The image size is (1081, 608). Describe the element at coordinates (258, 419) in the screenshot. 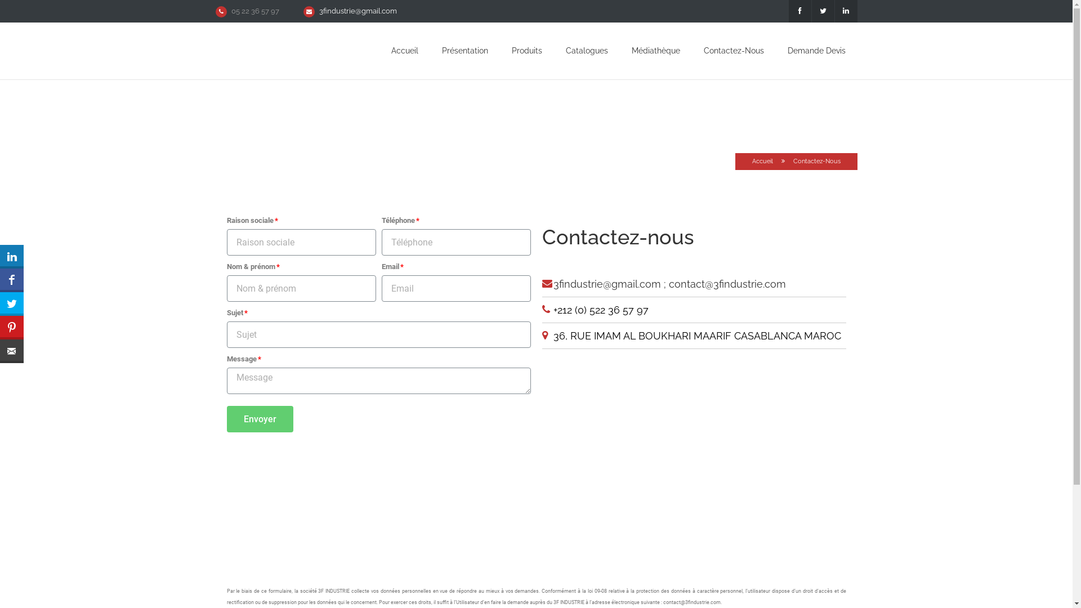

I see `'Envoyer'` at that location.